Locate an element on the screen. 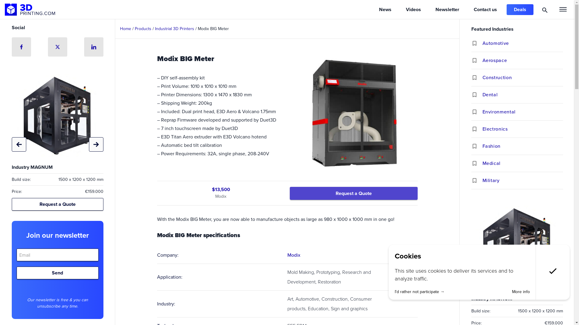 This screenshot has height=325, width=579. 'Send' is located at coordinates (57, 273).